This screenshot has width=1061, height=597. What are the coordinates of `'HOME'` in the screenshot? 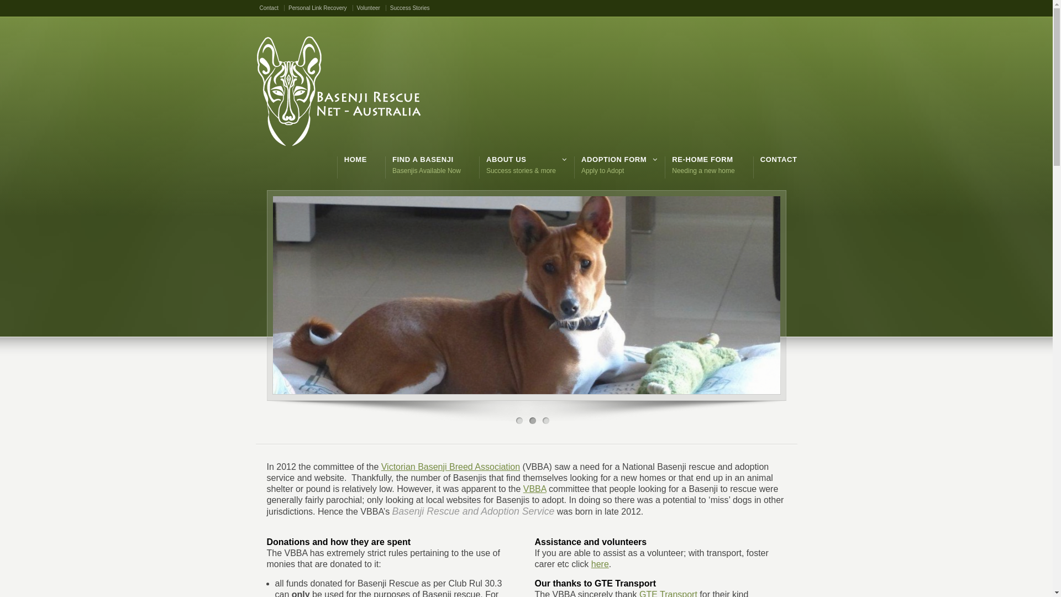 It's located at (344, 160).